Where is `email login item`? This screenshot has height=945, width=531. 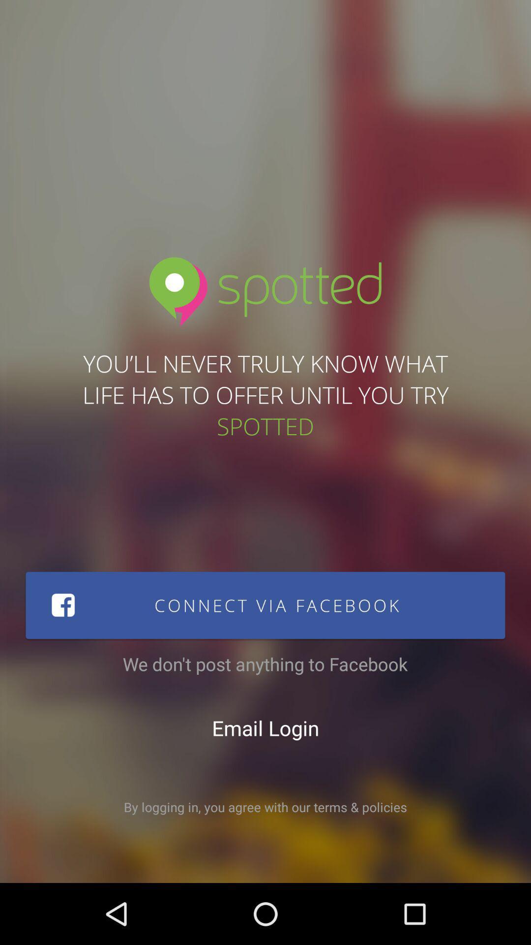 email login item is located at coordinates (265, 727).